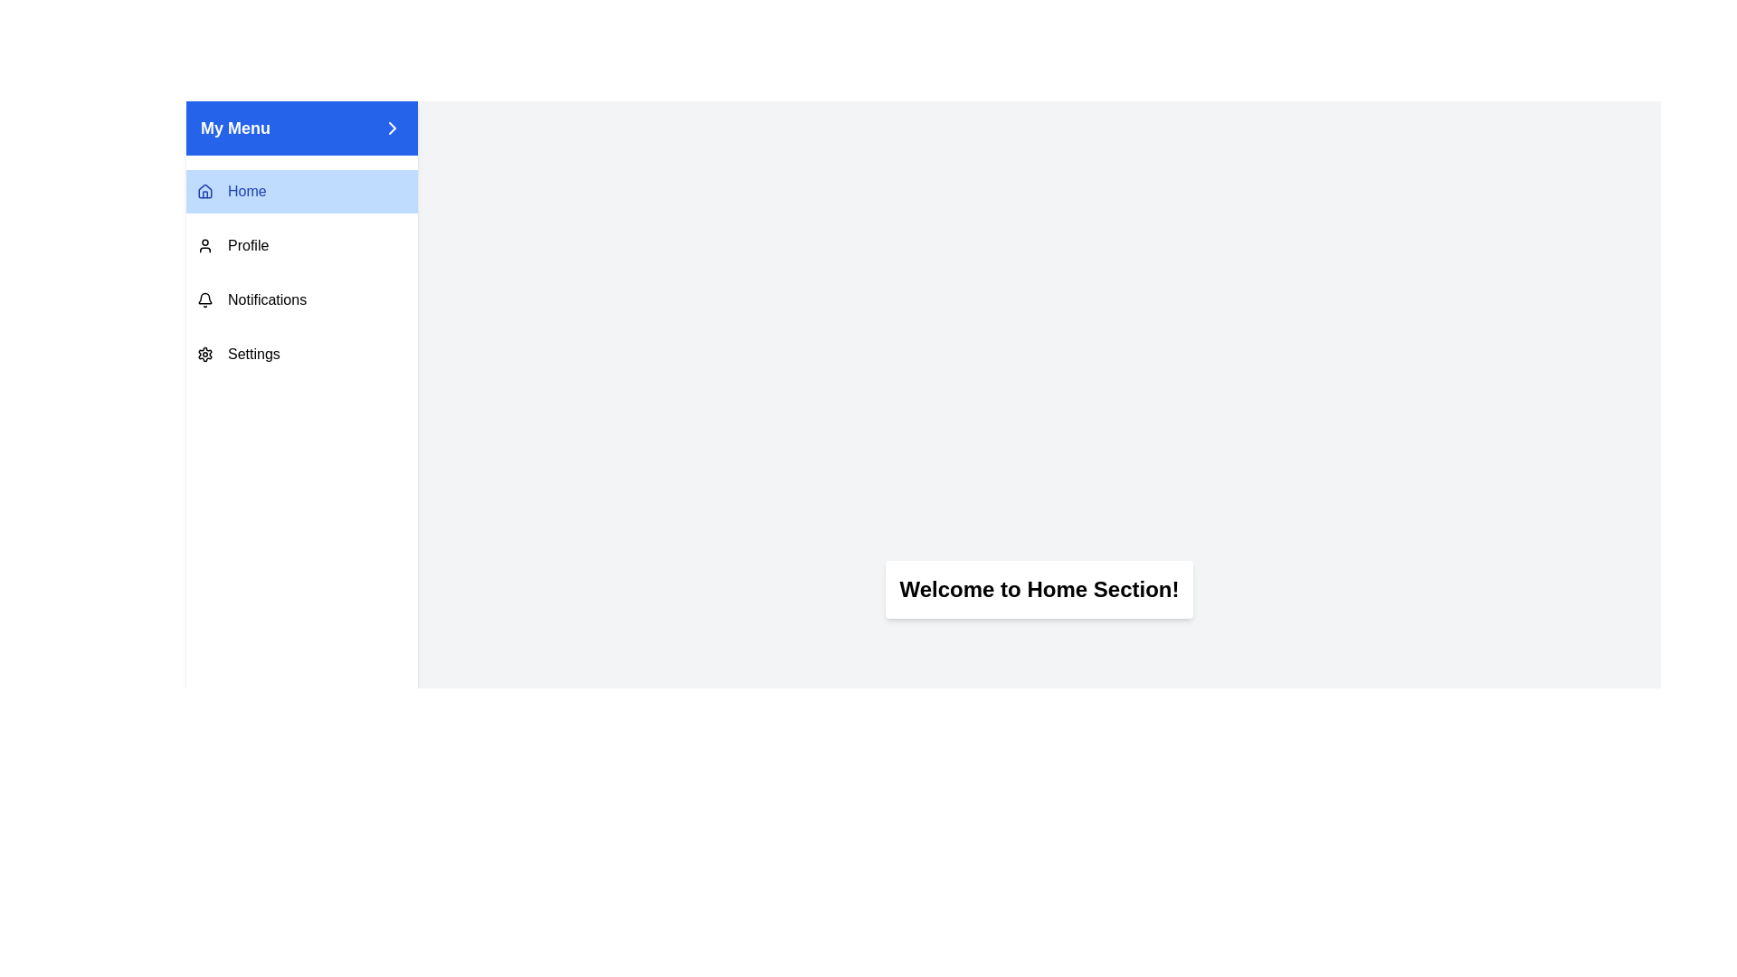 The width and height of the screenshot is (1737, 977). I want to click on the 'Profile' navigation item in the sidebar menu, so click(302, 246).